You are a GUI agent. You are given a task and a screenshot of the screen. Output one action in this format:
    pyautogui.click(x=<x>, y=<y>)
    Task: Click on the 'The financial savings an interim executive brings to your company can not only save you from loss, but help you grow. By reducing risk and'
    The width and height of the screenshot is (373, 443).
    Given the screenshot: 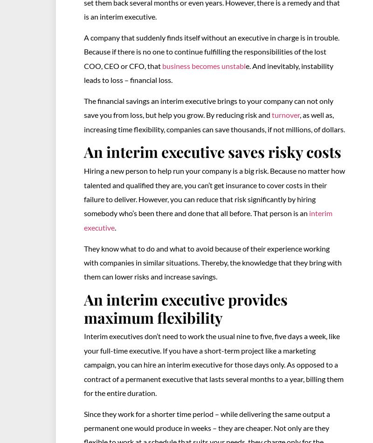 What is the action you would take?
    pyautogui.click(x=208, y=107)
    